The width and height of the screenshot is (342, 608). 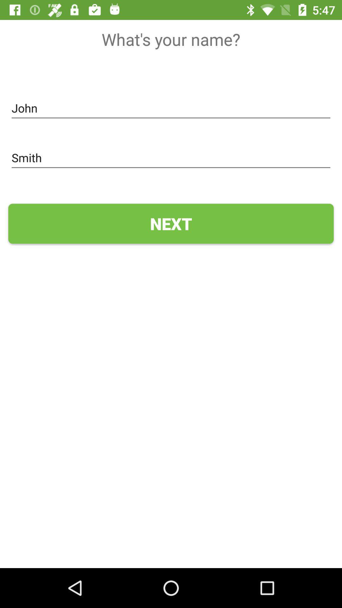 What do you see at coordinates (171, 158) in the screenshot?
I see `the item below the john icon` at bounding box center [171, 158].